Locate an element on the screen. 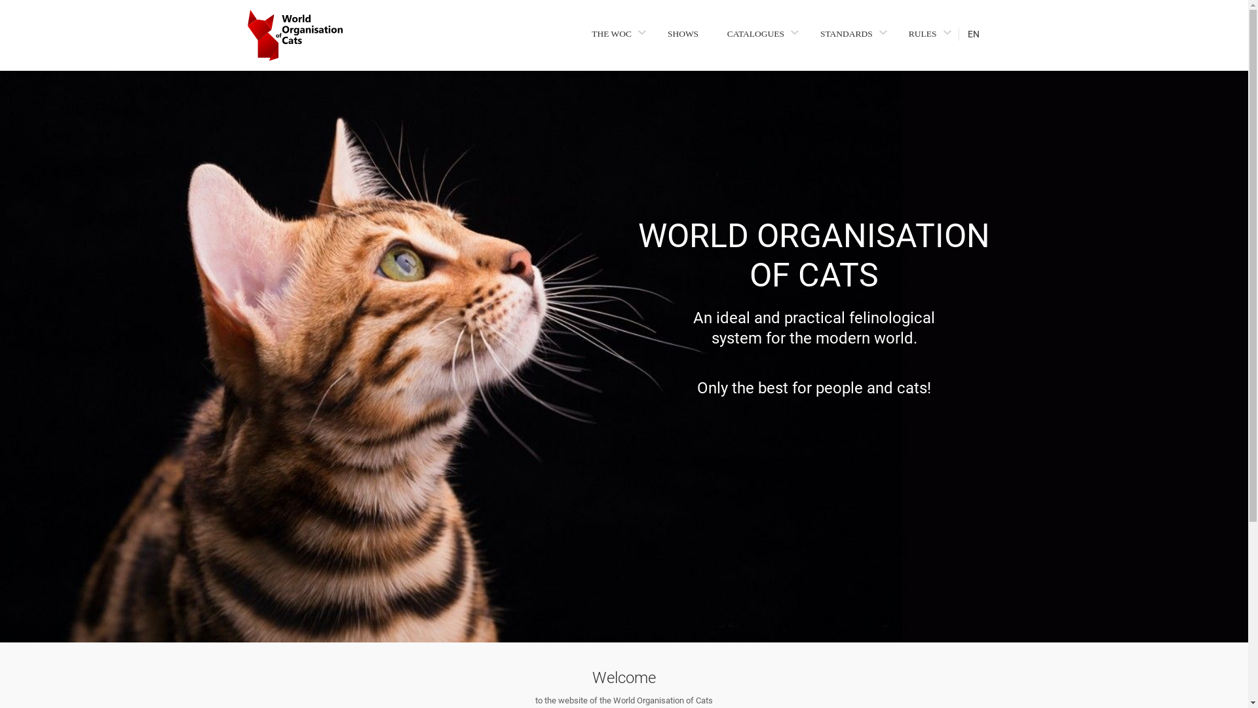  'RULES' is located at coordinates (926, 33).